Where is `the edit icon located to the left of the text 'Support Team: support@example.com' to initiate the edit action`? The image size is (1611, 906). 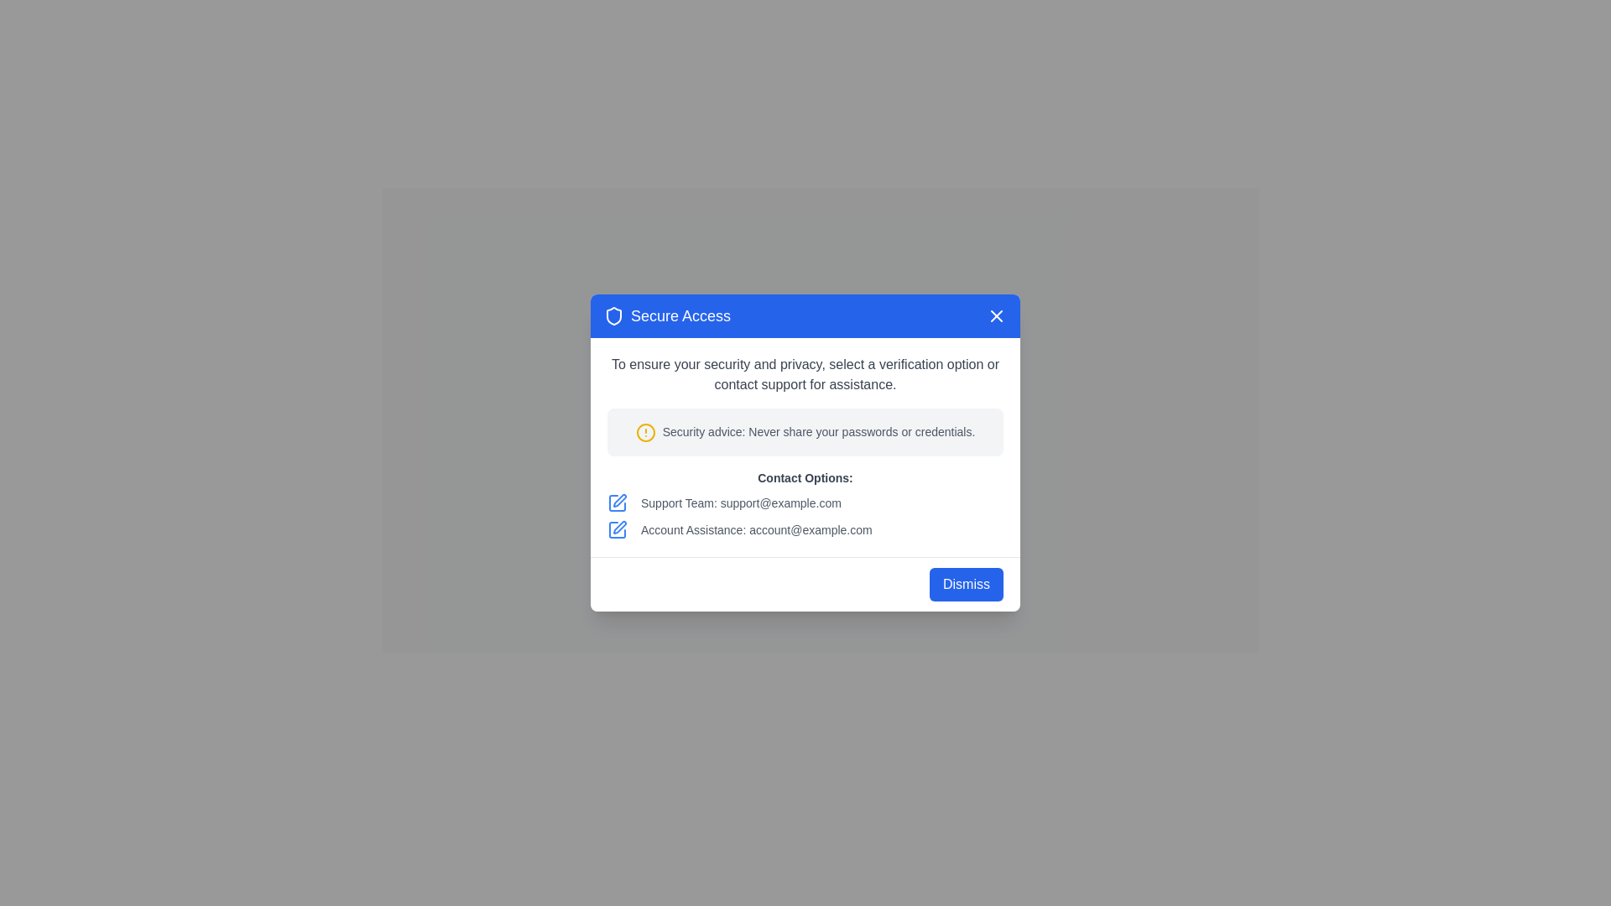
the edit icon located to the left of the text 'Support Team: support@example.com' to initiate the edit action is located at coordinates (616, 501).